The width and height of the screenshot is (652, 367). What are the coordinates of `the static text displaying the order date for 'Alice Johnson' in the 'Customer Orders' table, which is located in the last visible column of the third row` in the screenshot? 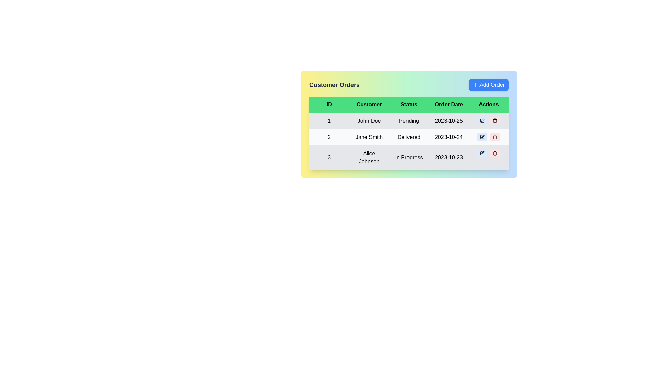 It's located at (449, 157).